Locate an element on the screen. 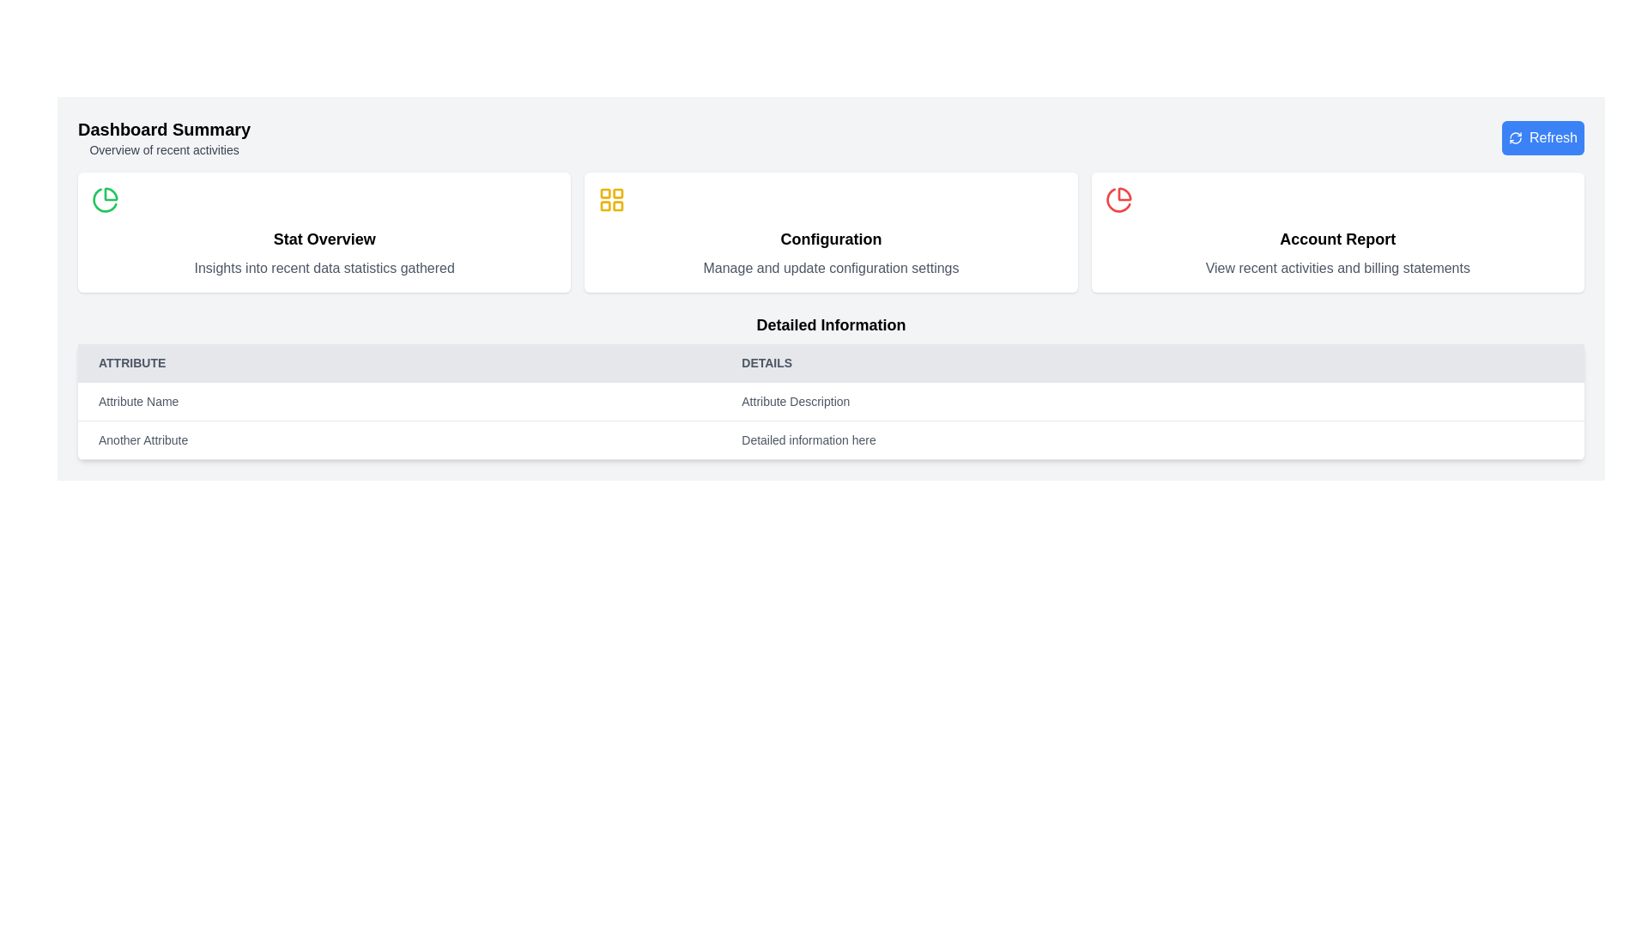 The width and height of the screenshot is (1648, 927). the 'Dashboard Summary' text label, which is bold and large, located at the top-left section of the interface is located at coordinates (164, 128).